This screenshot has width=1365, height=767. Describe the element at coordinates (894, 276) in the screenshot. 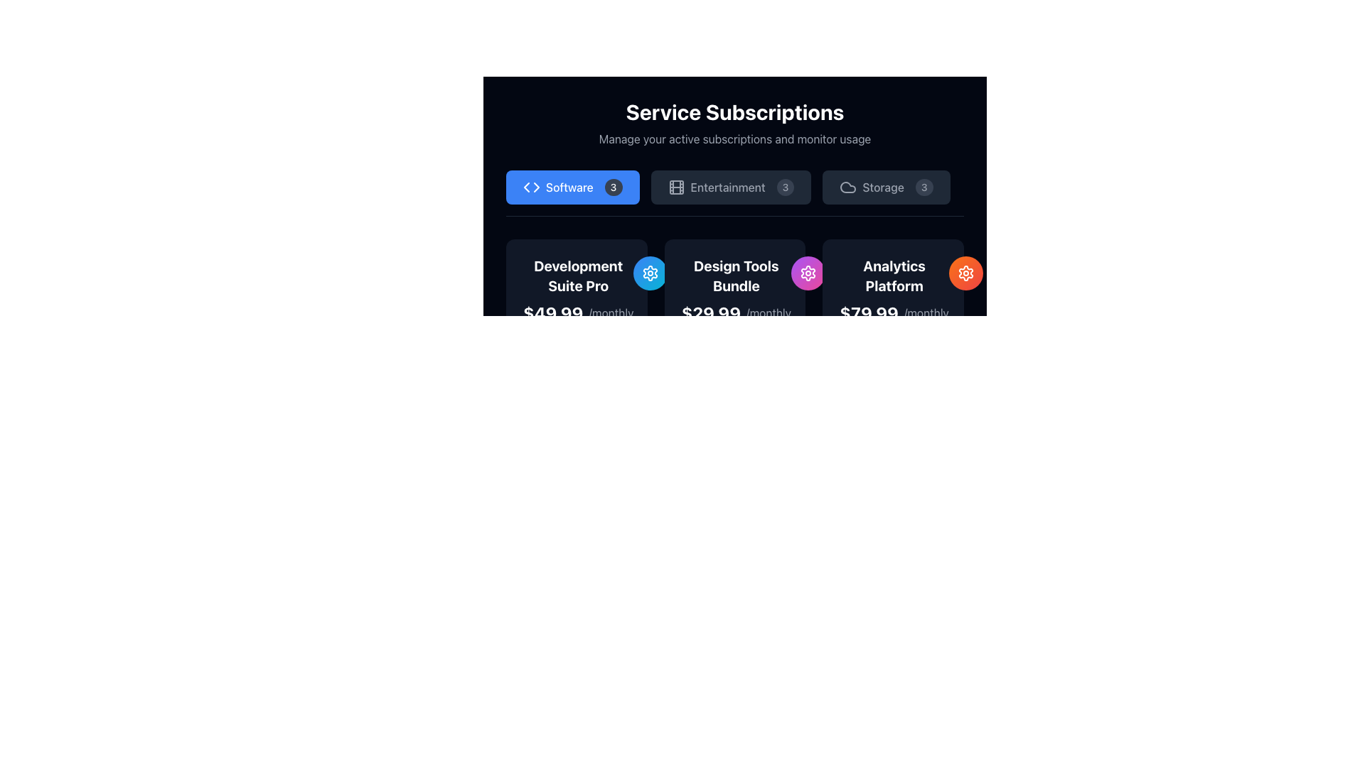

I see `the 'Analytics Platform' static text label, which is styled in bold white font against a dark background` at that location.